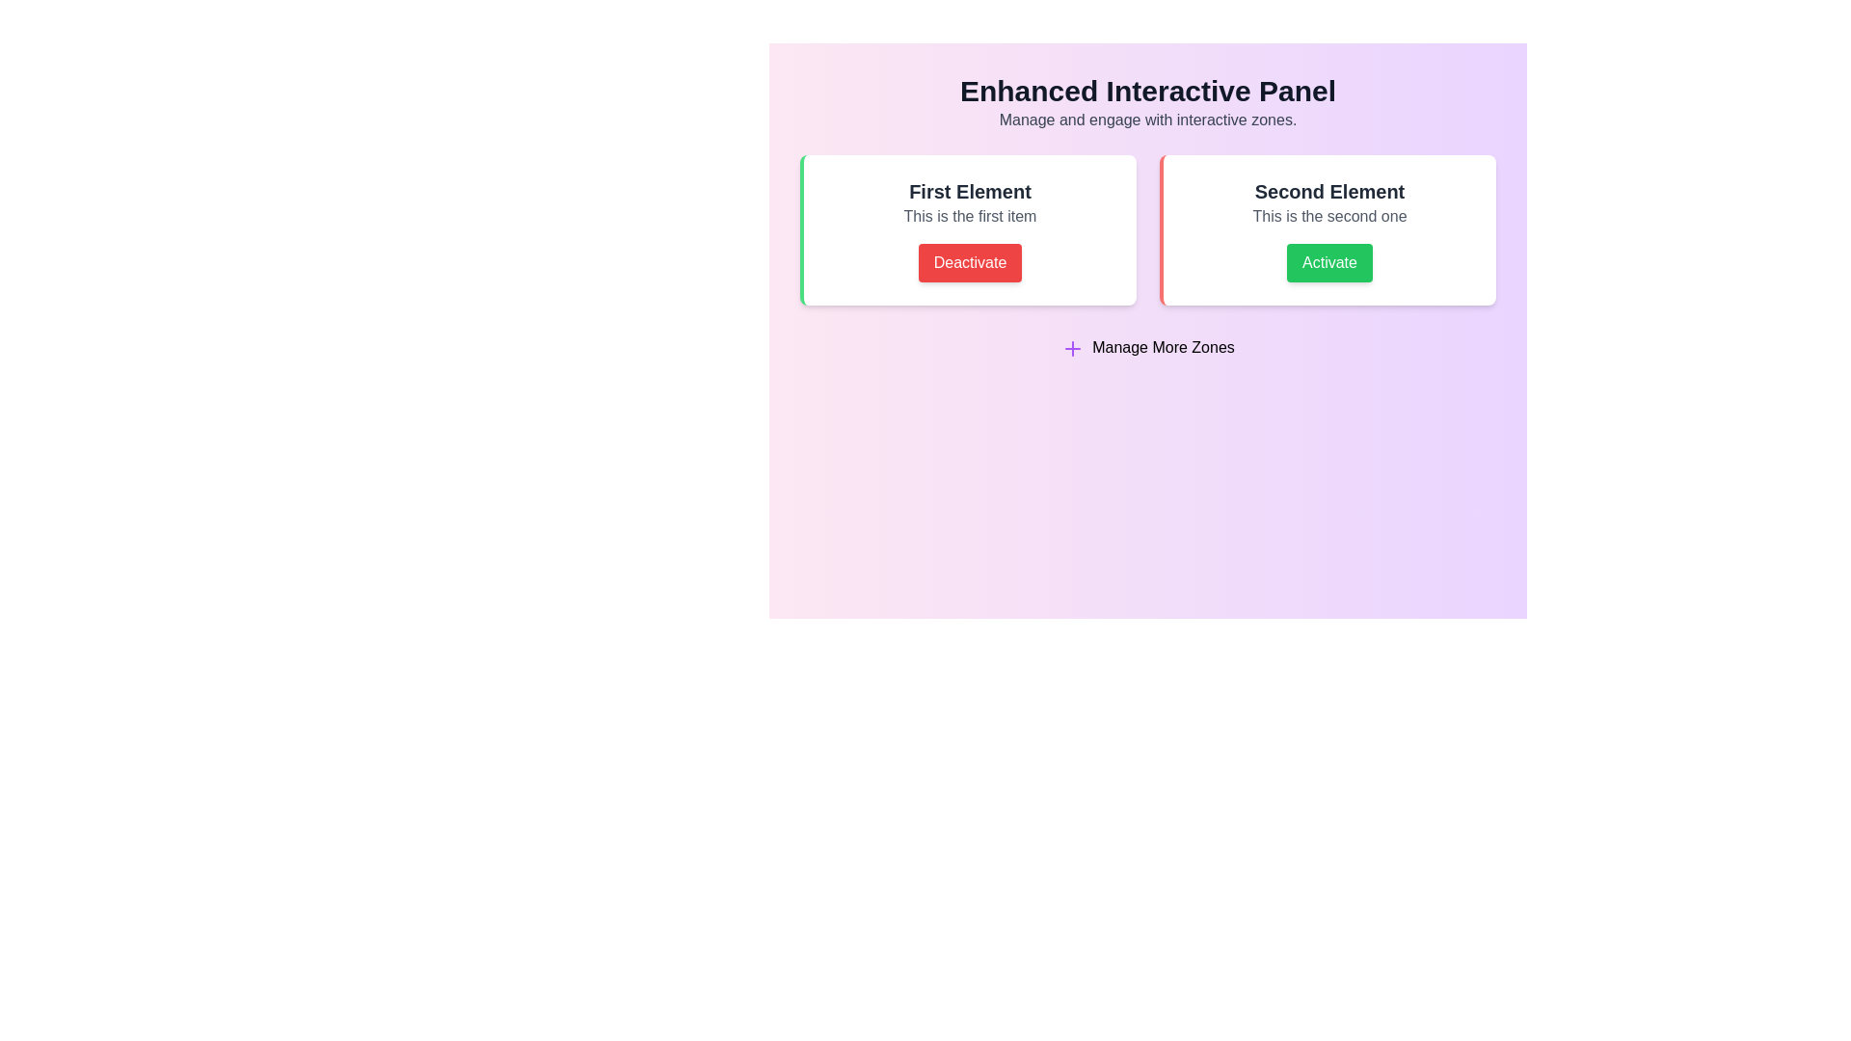 The image size is (1851, 1041). What do you see at coordinates (1147, 103) in the screenshot?
I see `the text-based header element located at the top-center of the interface, which introduces the section with a title and subtitle, positioned above the action cards titled 'First Element' and 'Second Element'` at bounding box center [1147, 103].